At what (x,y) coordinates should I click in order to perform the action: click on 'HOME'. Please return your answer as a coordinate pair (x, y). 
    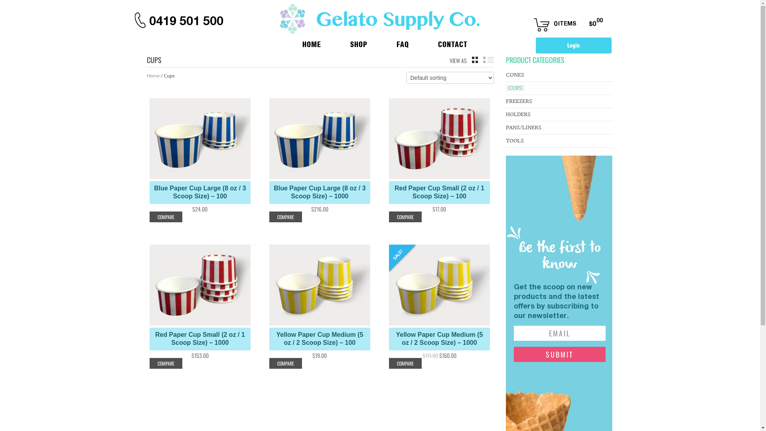
    Looking at the image, I should click on (303, 43).